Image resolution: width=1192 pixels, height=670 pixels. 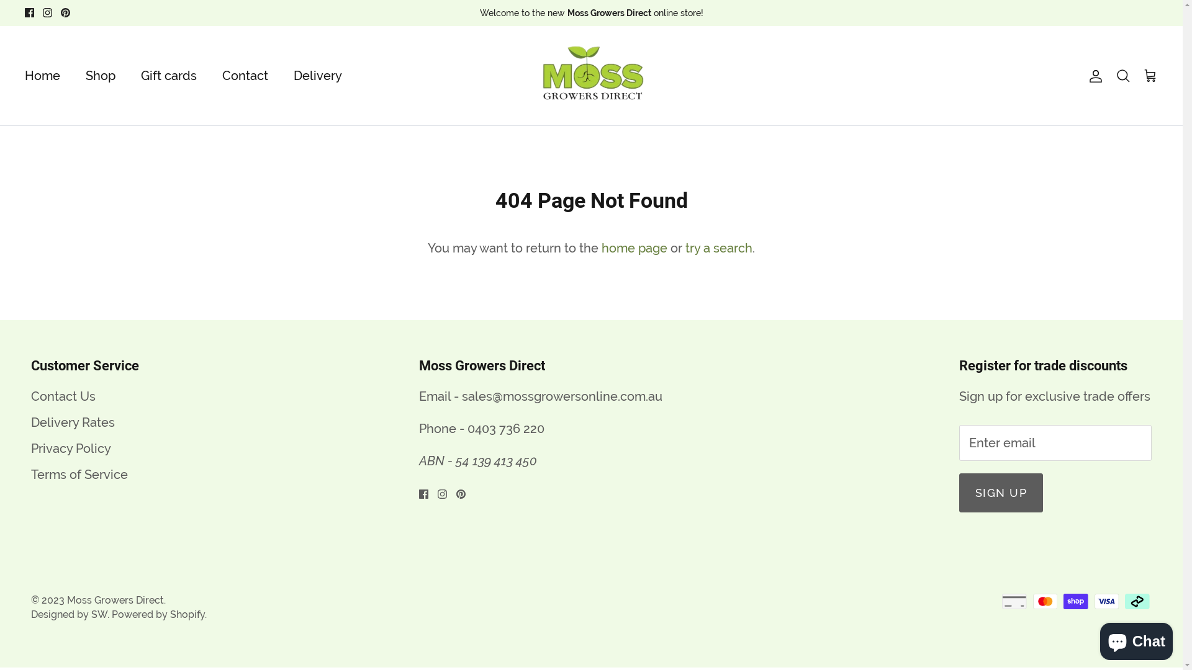 I want to click on 'Shop', so click(x=101, y=76).